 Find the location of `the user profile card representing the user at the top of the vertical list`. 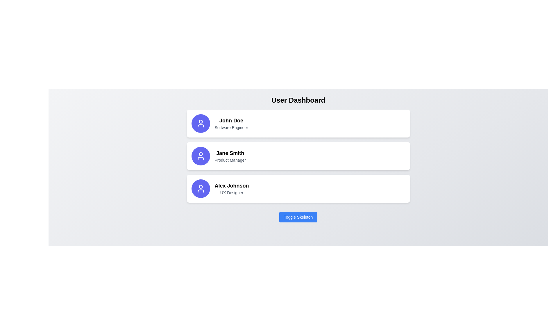

the user profile card representing the user at the top of the vertical list is located at coordinates (298, 123).